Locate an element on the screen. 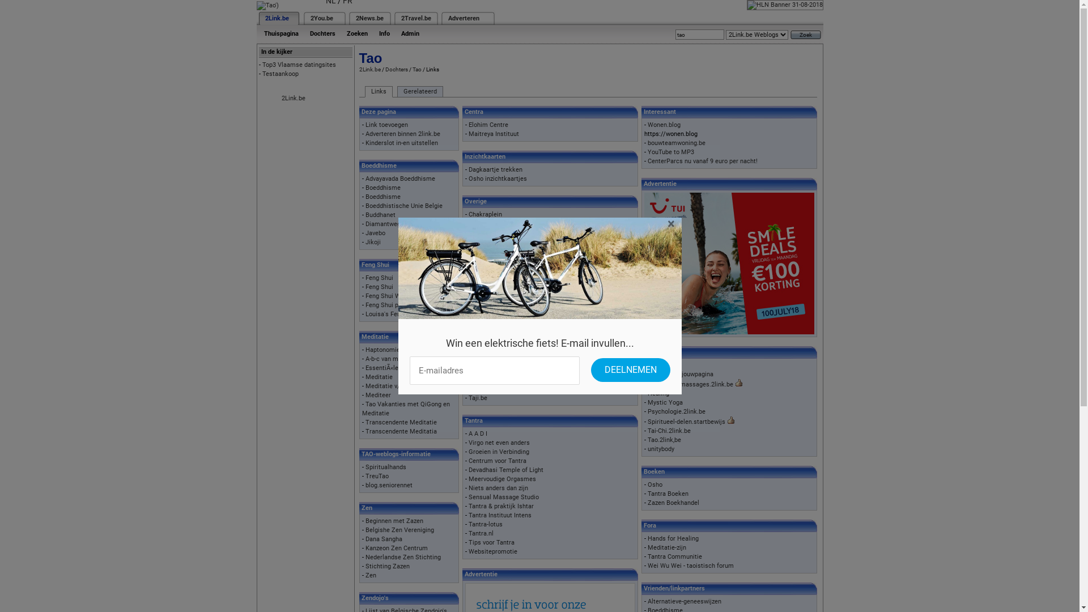 The image size is (1088, 612). 'Tantra Instituut Intens' is located at coordinates (499, 515).